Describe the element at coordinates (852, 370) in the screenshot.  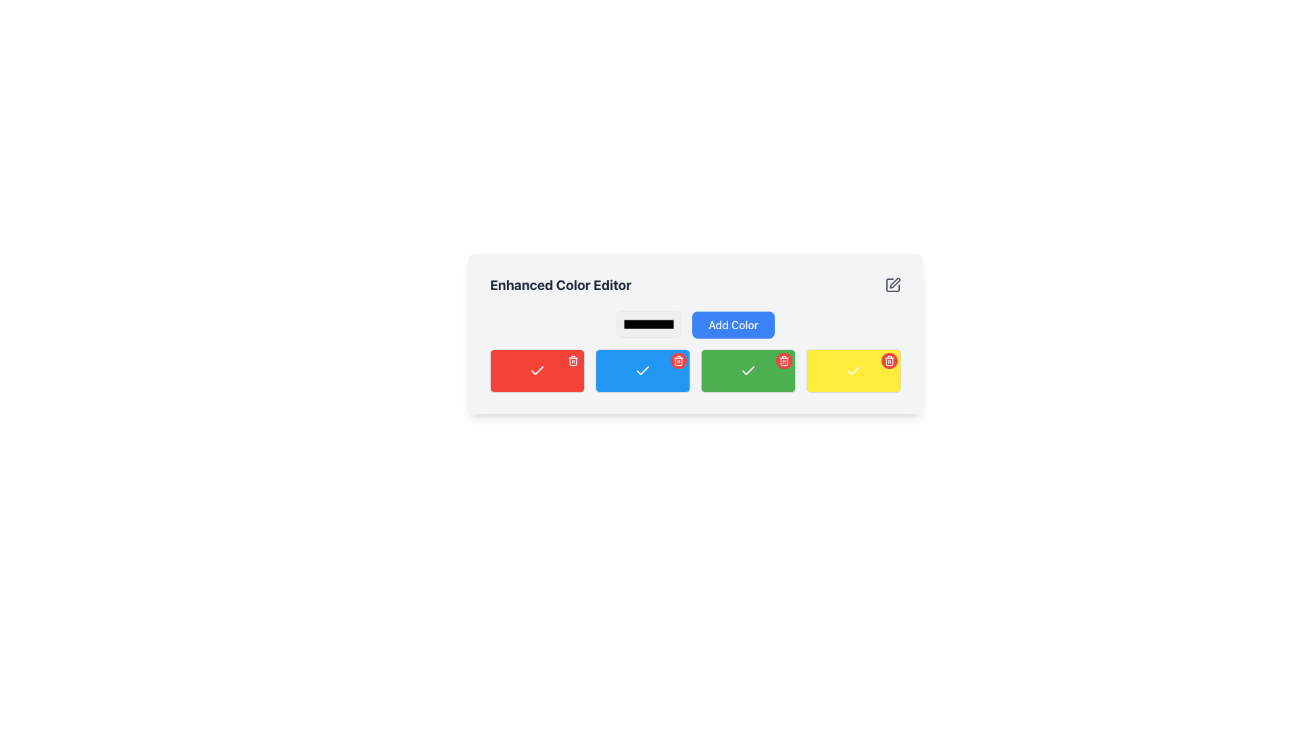
I see `on the fourth rectangle with a bright yellow background and a gray border that contains a white check mark icon` at that location.